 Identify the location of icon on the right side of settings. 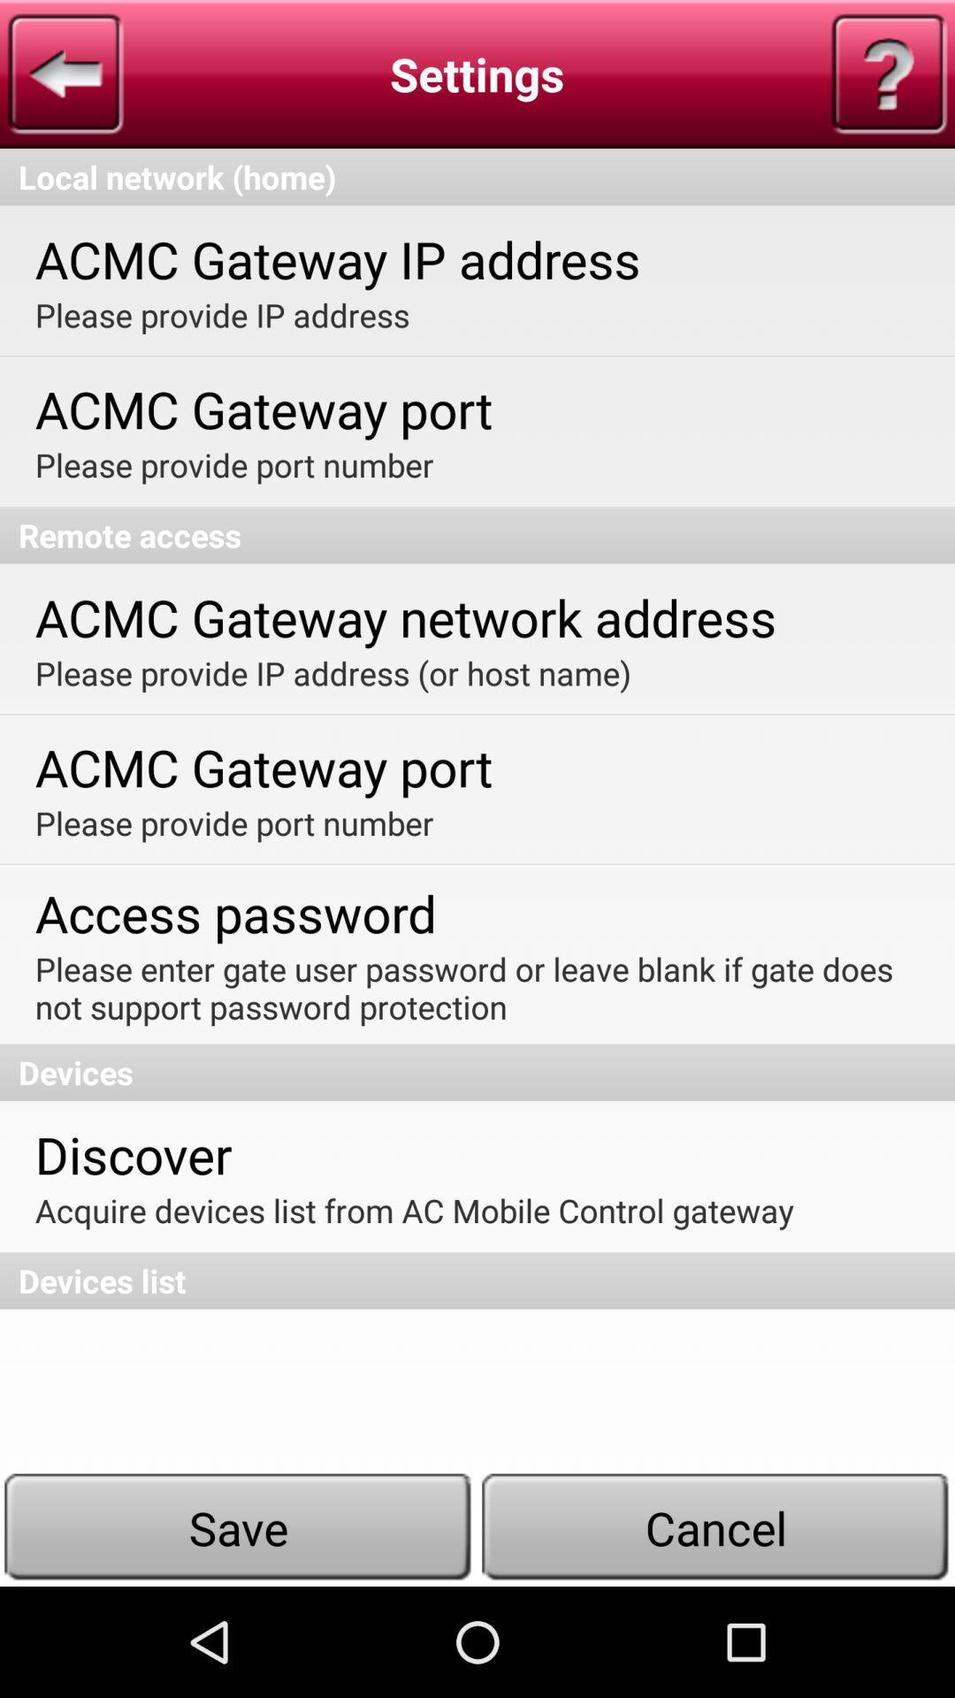
(889, 73).